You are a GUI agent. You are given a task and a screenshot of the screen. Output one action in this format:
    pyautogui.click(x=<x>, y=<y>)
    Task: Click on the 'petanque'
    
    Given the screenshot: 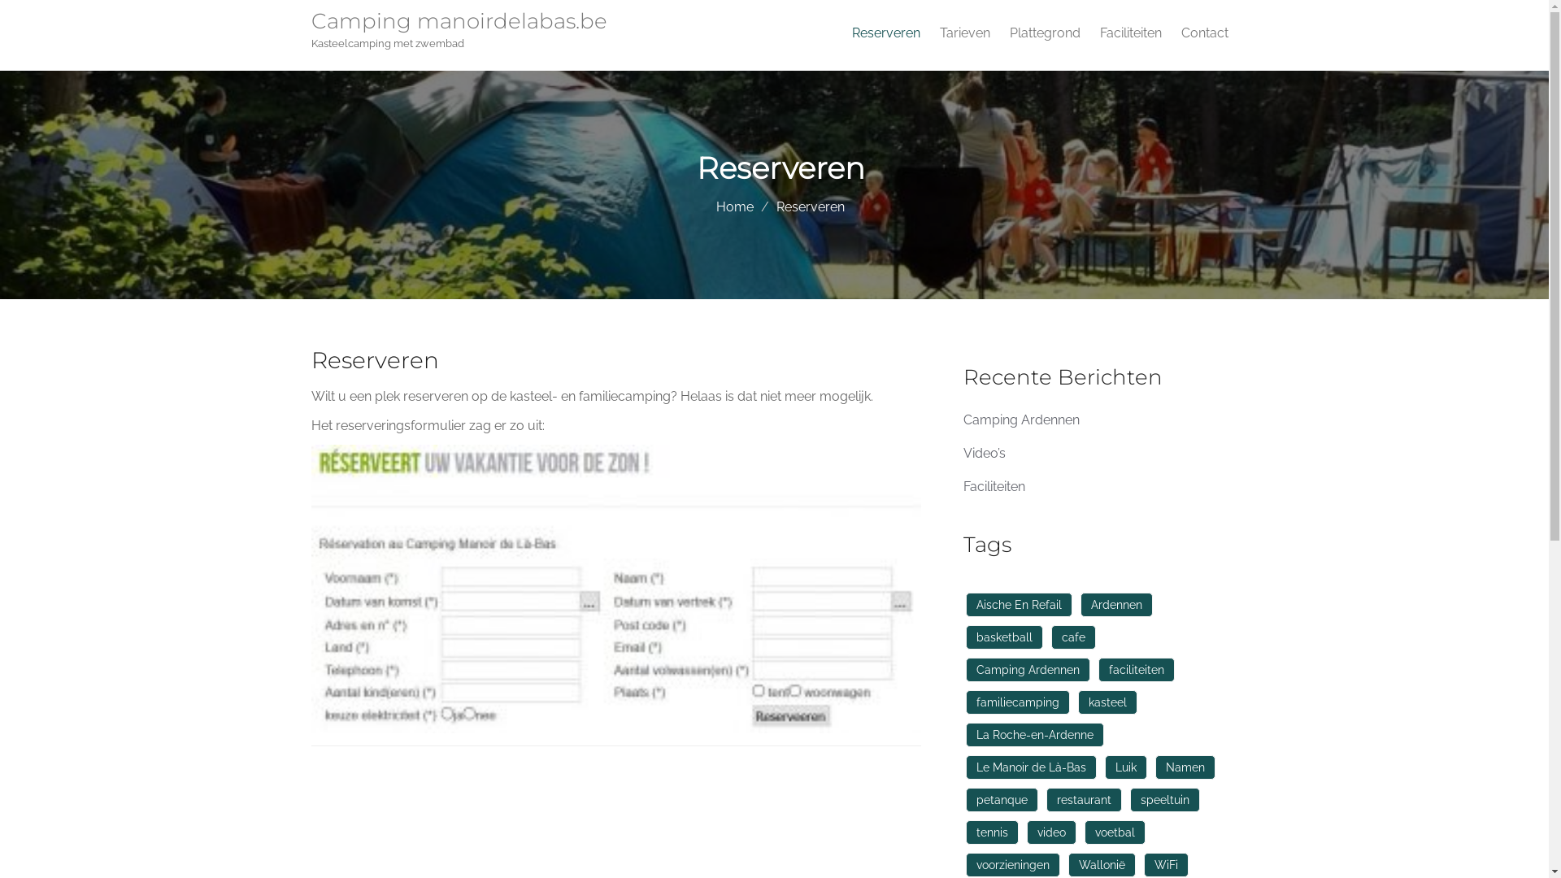 What is the action you would take?
    pyautogui.click(x=1001, y=798)
    